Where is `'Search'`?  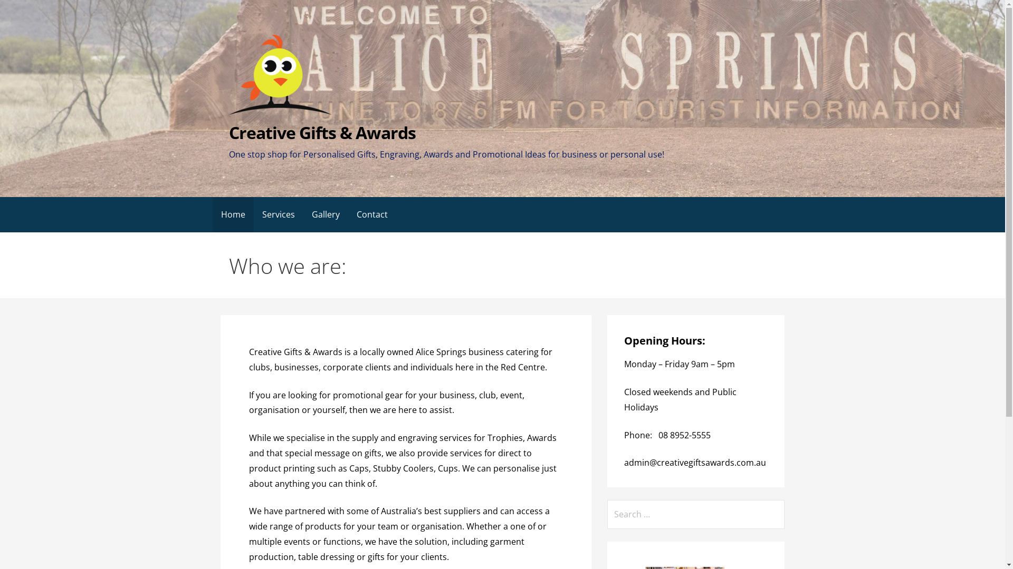
'Search' is located at coordinates (22, 10).